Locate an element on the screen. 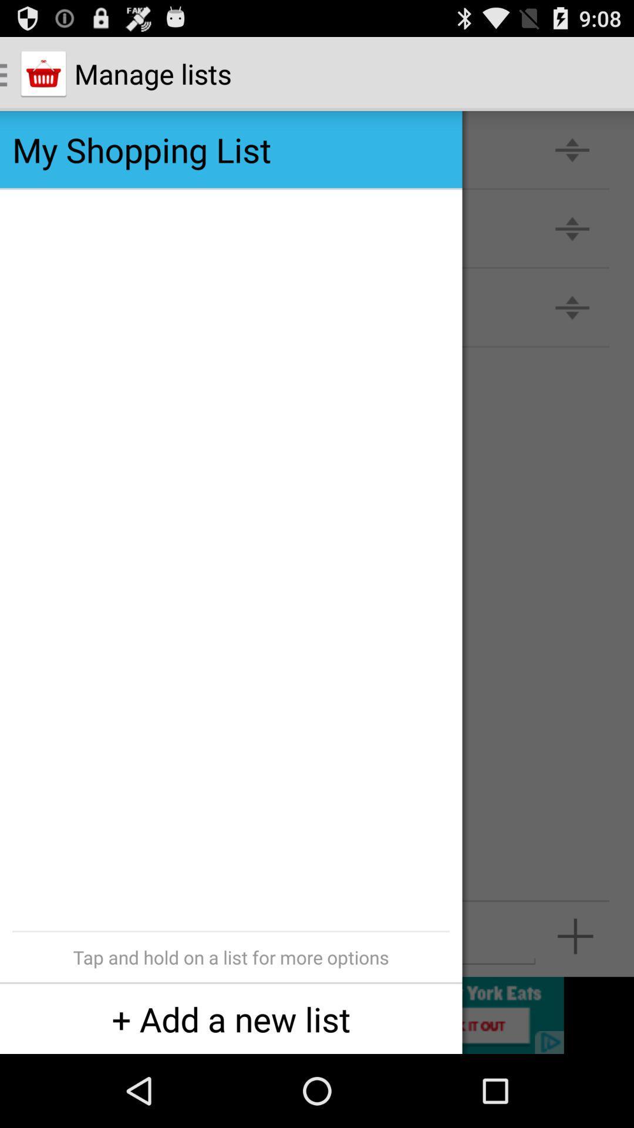 The height and width of the screenshot is (1128, 634). the second button at the right side of the page is located at coordinates (572, 228).